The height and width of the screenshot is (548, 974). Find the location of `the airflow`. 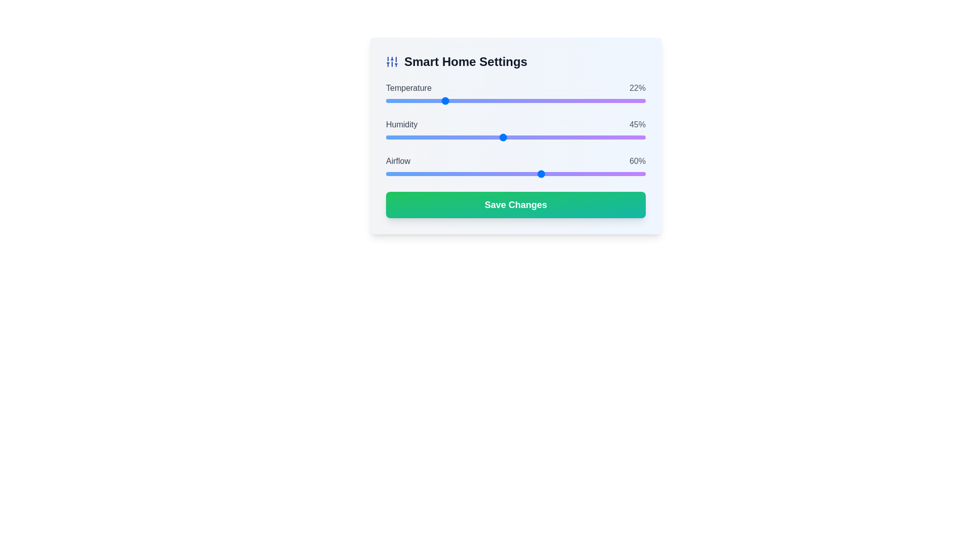

the airflow is located at coordinates (524, 174).